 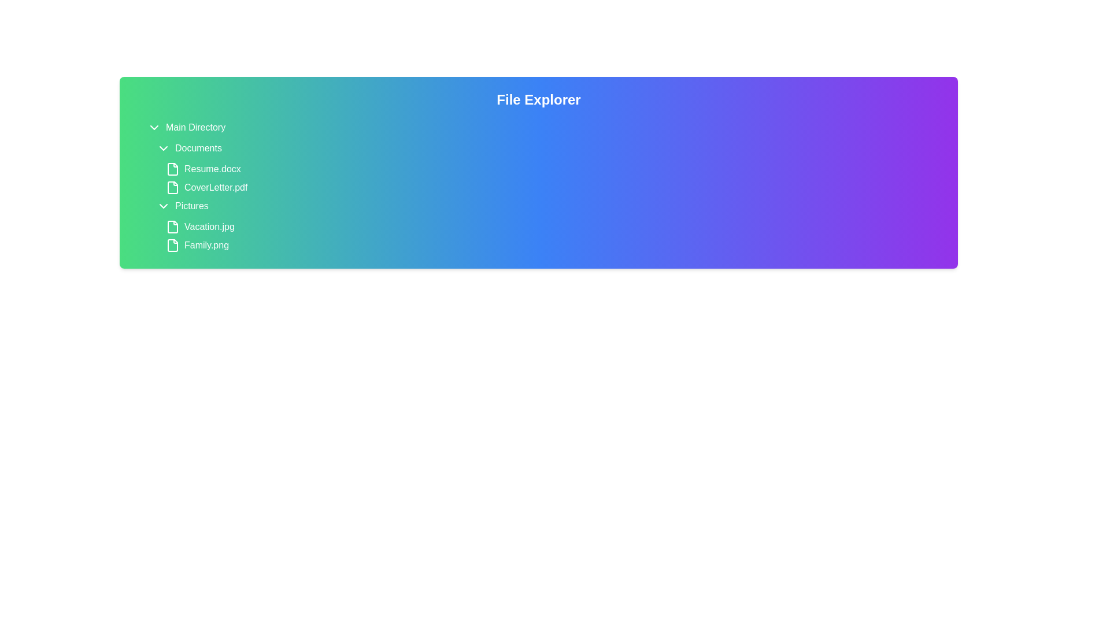 What do you see at coordinates (172, 169) in the screenshot?
I see `the document file icon located to the left of the text 'Resume.docx' in the 'Documents' directory, which serves as a visual indicator for the associated file name` at bounding box center [172, 169].